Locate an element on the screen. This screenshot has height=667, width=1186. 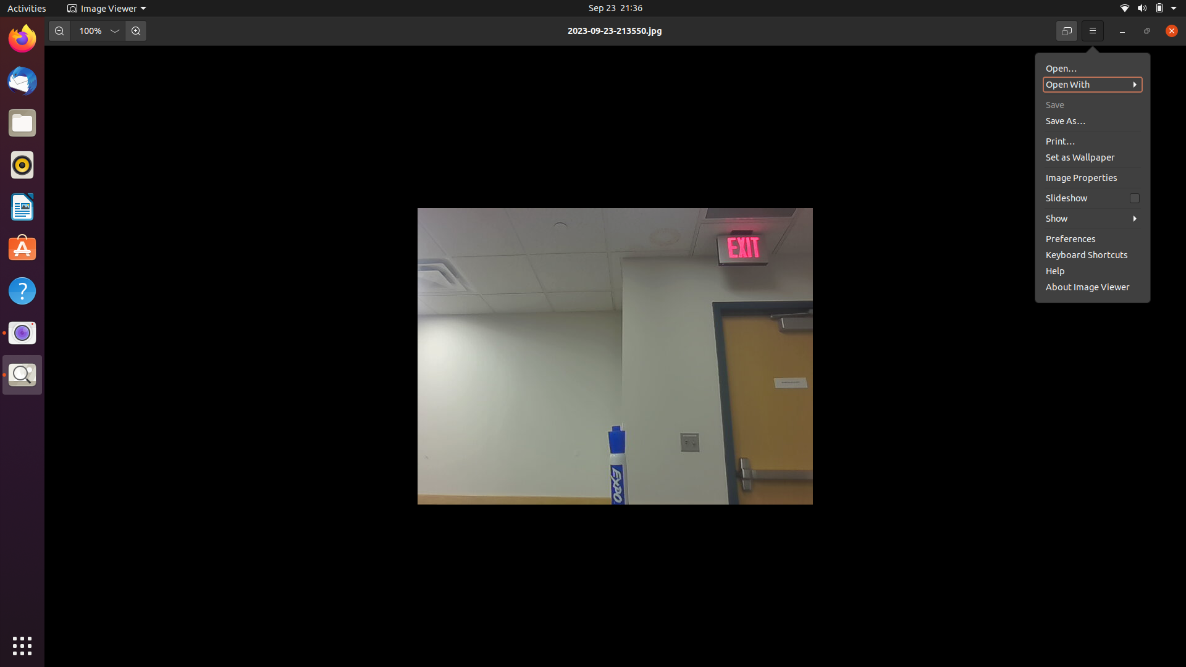
Turn off the menu view is located at coordinates (1093, 30).